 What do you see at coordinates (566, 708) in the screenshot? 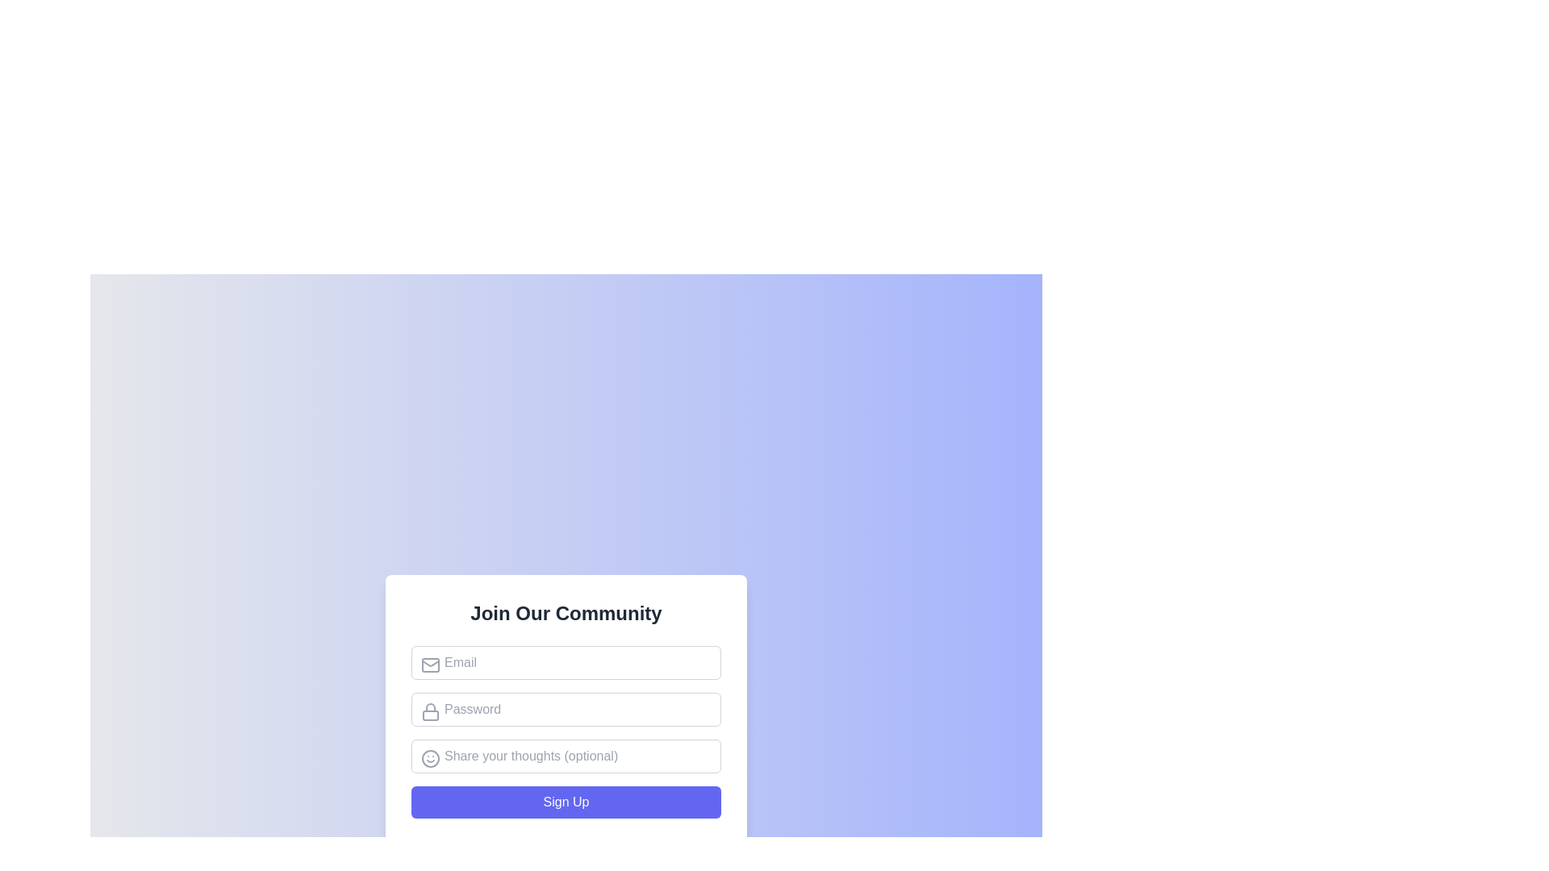
I see `the password input field located in the 'Join Our Community' form, which is the second input field below the 'Email' field` at bounding box center [566, 708].